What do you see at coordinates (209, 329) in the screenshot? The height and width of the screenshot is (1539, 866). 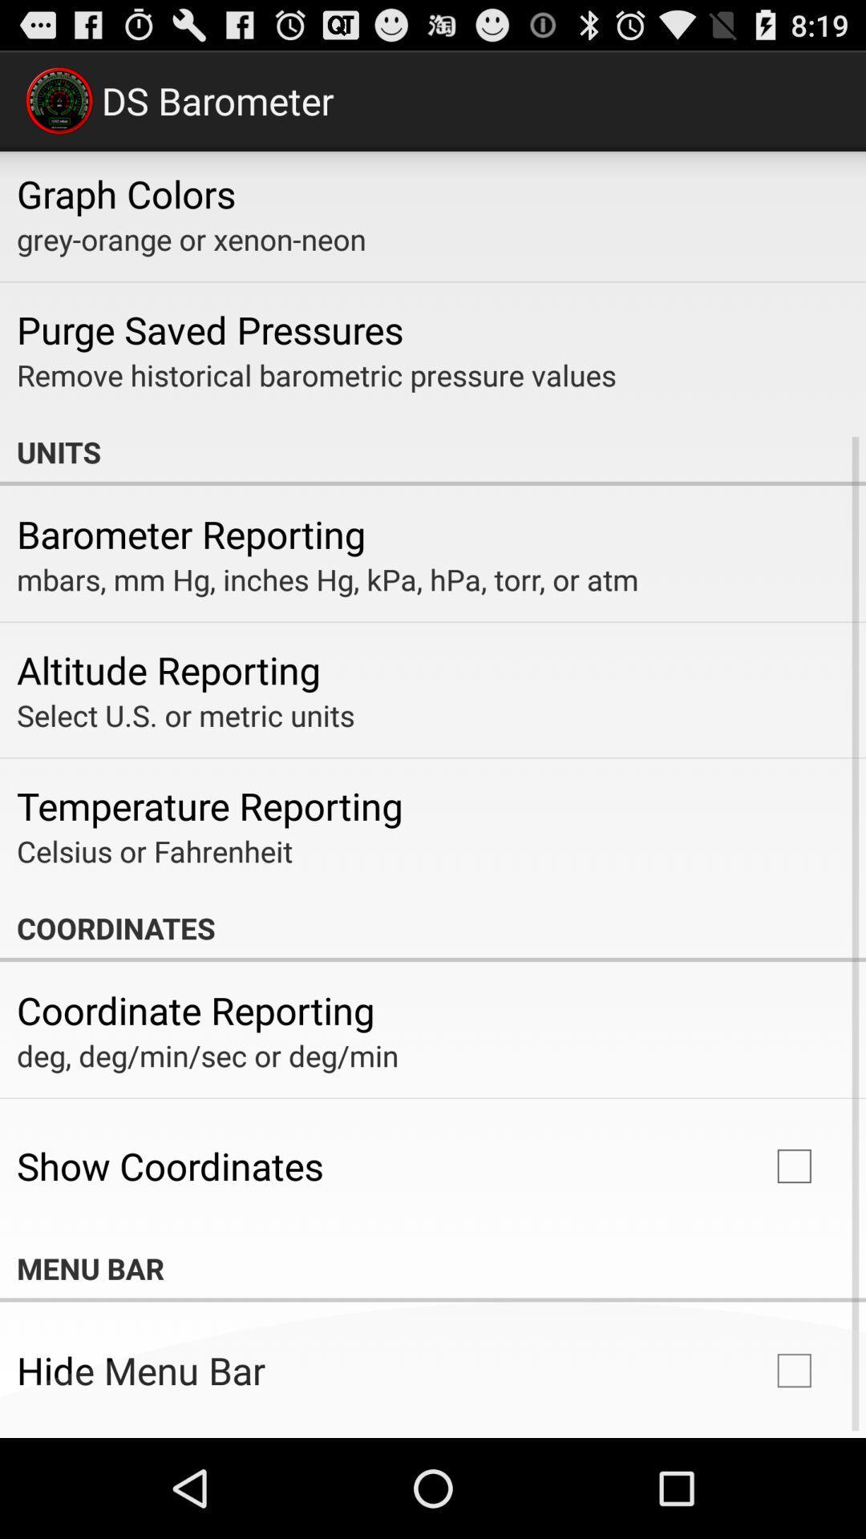 I see `purge saved pressures icon` at bounding box center [209, 329].